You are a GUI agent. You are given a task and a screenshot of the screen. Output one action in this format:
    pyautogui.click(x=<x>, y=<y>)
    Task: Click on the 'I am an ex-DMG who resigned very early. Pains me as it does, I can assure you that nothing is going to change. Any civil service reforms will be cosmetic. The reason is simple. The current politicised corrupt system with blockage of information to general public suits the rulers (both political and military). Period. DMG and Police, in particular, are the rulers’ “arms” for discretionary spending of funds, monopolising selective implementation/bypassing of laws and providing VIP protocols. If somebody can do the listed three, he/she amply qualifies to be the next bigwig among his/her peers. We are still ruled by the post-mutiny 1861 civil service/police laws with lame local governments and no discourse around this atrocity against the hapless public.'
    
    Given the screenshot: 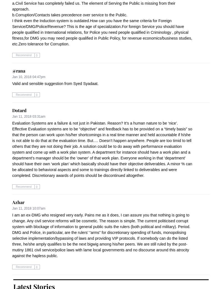 What is the action you would take?
    pyautogui.click(x=102, y=235)
    